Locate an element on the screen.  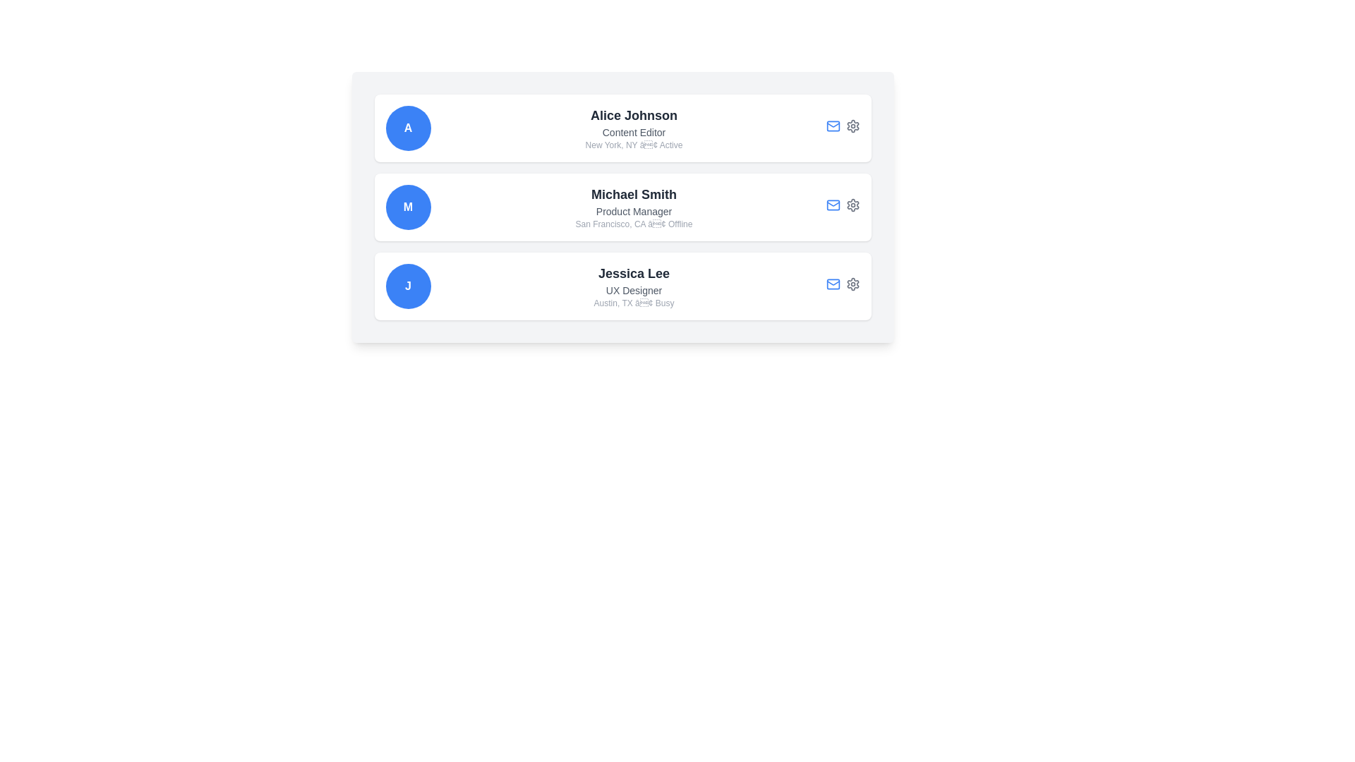
the text label displaying the job title 'UX Designer' for the individual named 'Jessica Lee', which is positioned below the name and above the location details is located at coordinates (633, 290).